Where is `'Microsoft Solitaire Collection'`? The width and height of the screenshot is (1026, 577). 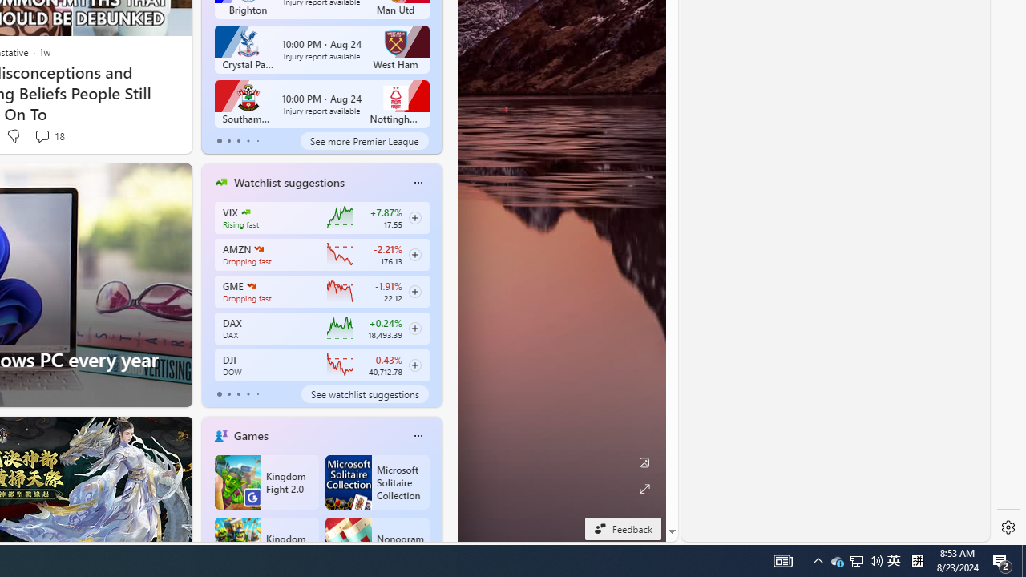 'Microsoft Solitaire Collection' is located at coordinates (376, 481).